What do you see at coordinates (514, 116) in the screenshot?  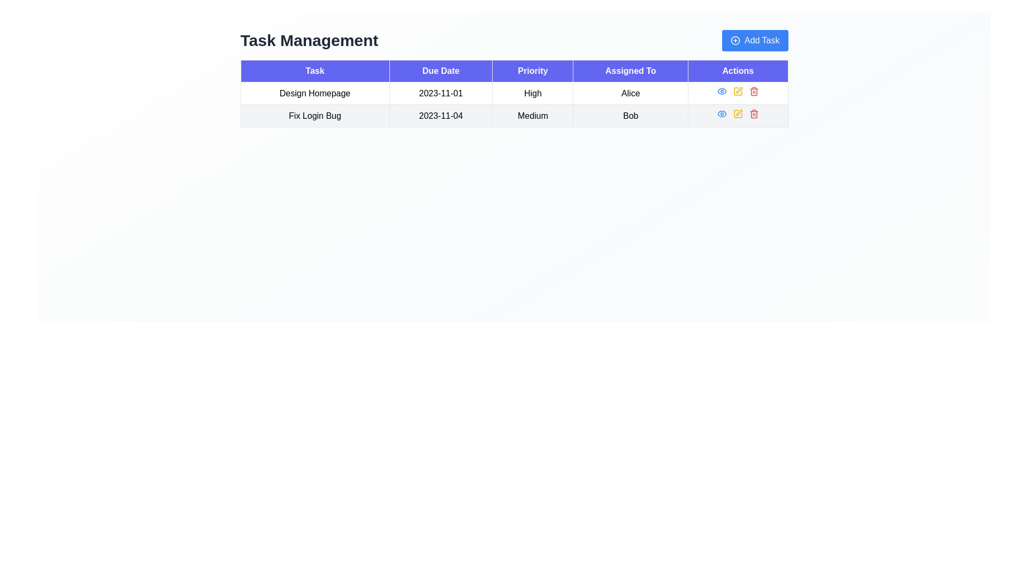 I see `the row containing the task 'Fix Login Bug', which includes cells for the due date, priority, assignee, and action icons` at bounding box center [514, 116].